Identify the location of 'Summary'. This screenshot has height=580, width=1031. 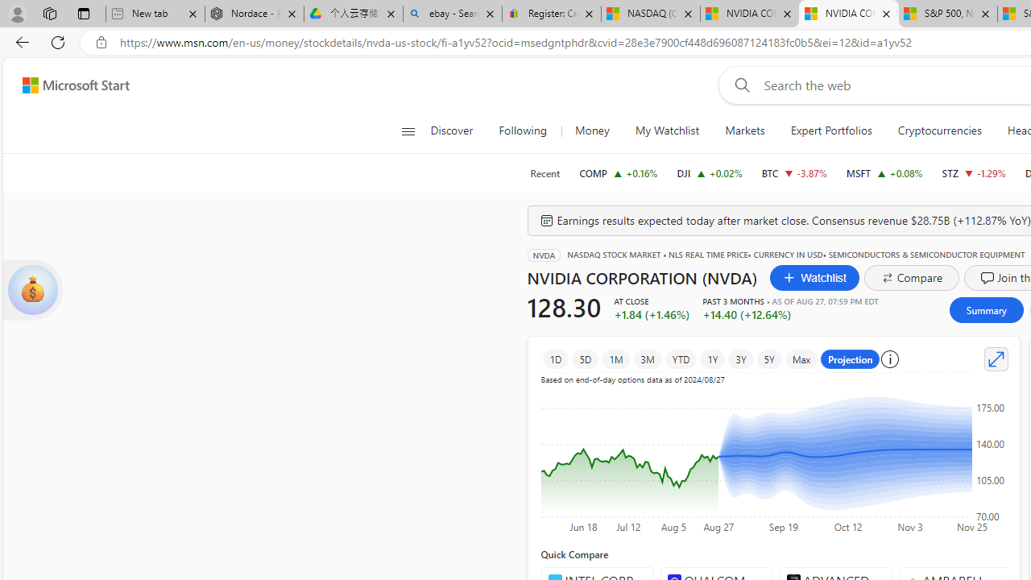
(985, 309).